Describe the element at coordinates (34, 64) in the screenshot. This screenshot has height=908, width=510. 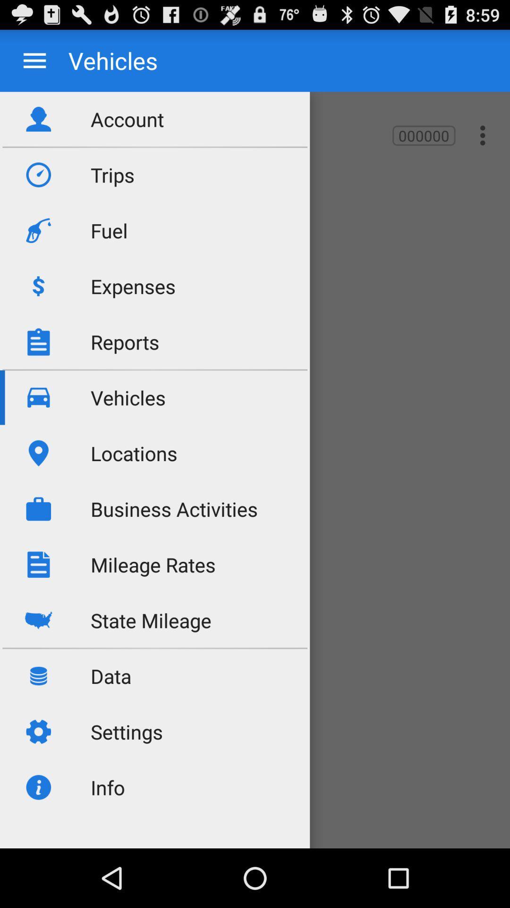
I see `the menu icon` at that location.